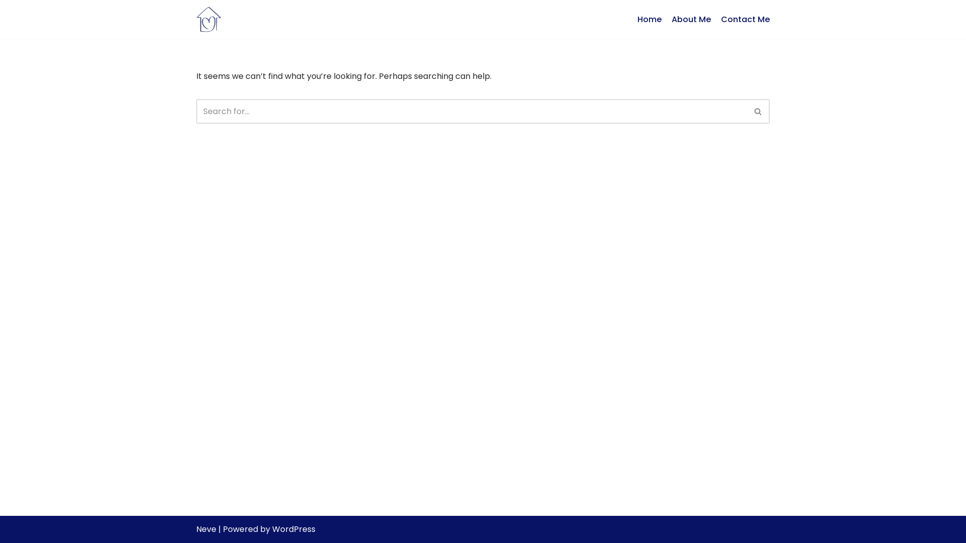 The image size is (966, 543). What do you see at coordinates (272, 528) in the screenshot?
I see `'WordPress'` at bounding box center [272, 528].